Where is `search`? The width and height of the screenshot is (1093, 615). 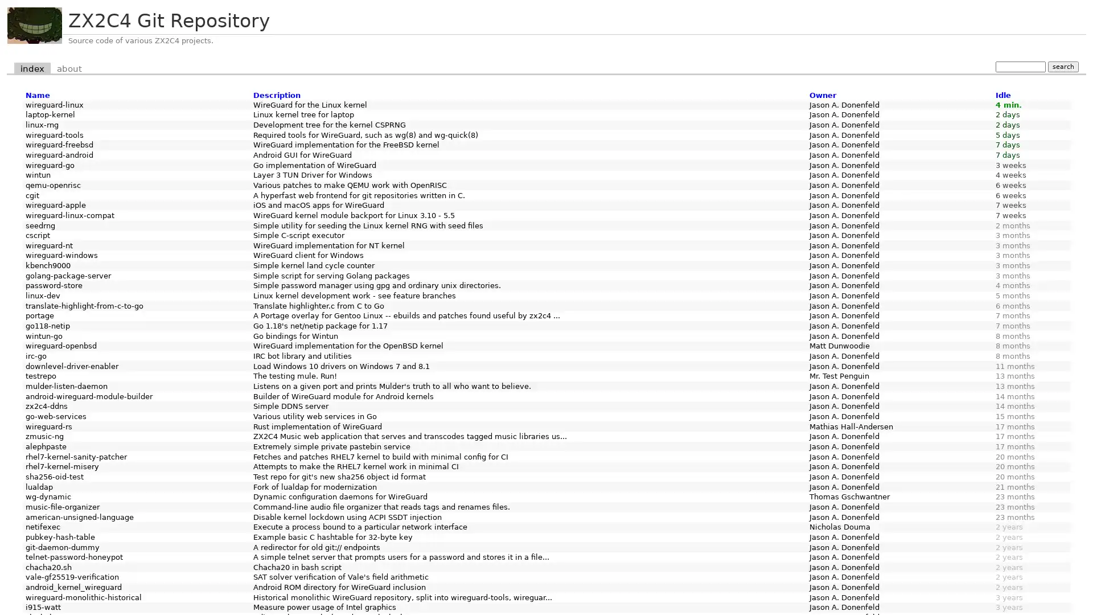
search is located at coordinates (1062, 66).